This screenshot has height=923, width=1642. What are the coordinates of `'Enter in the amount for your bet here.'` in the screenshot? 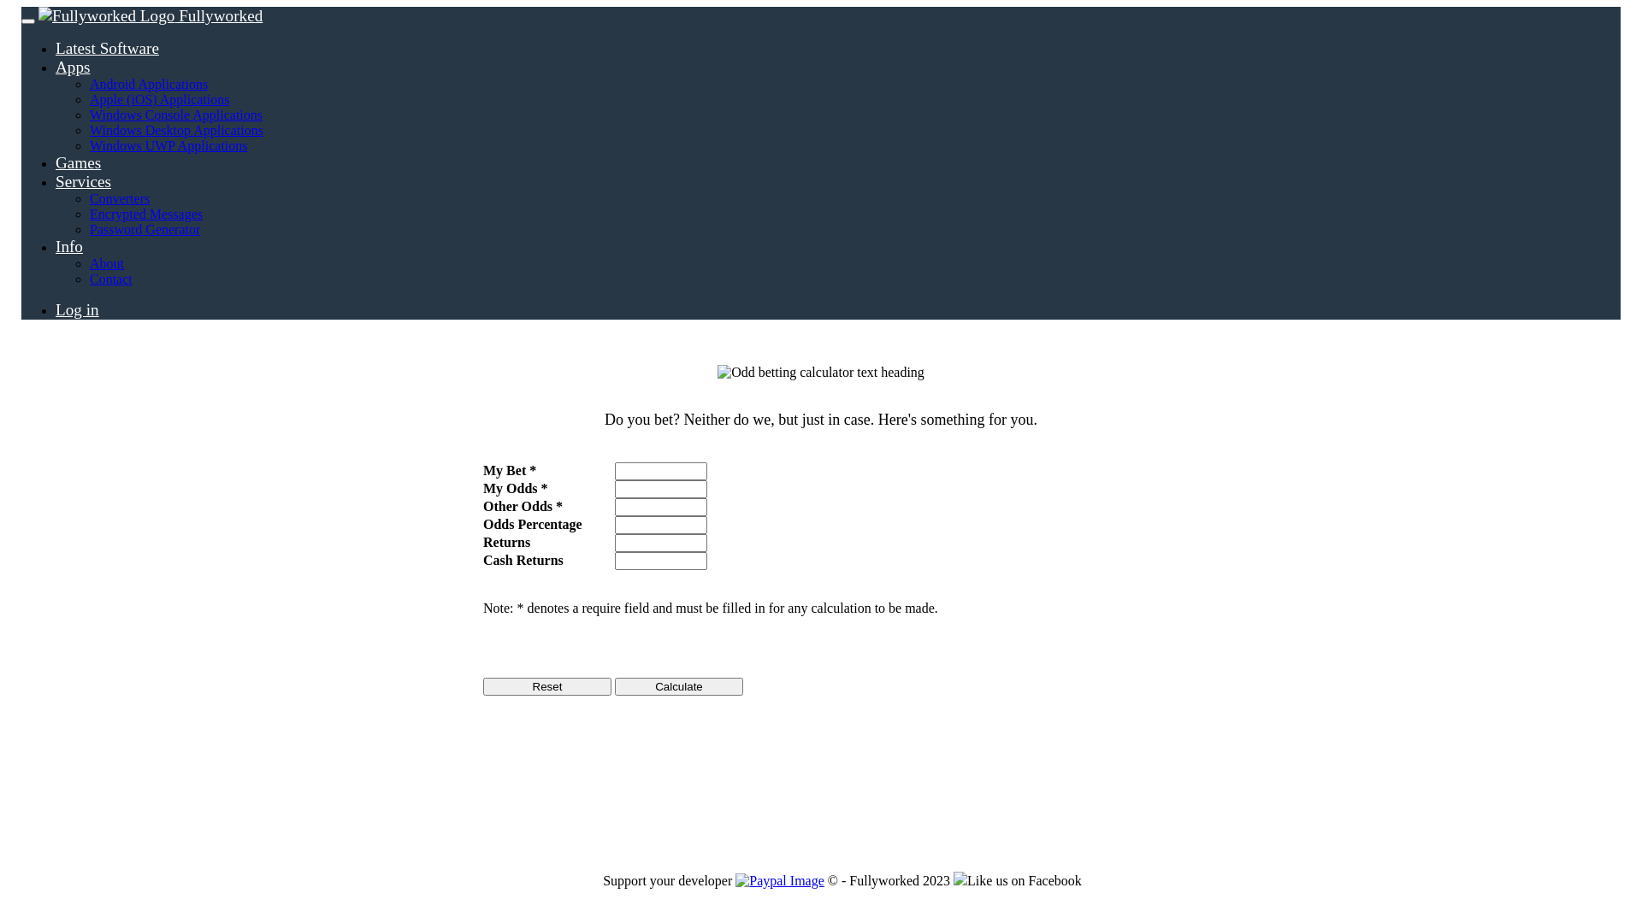 It's located at (659, 471).